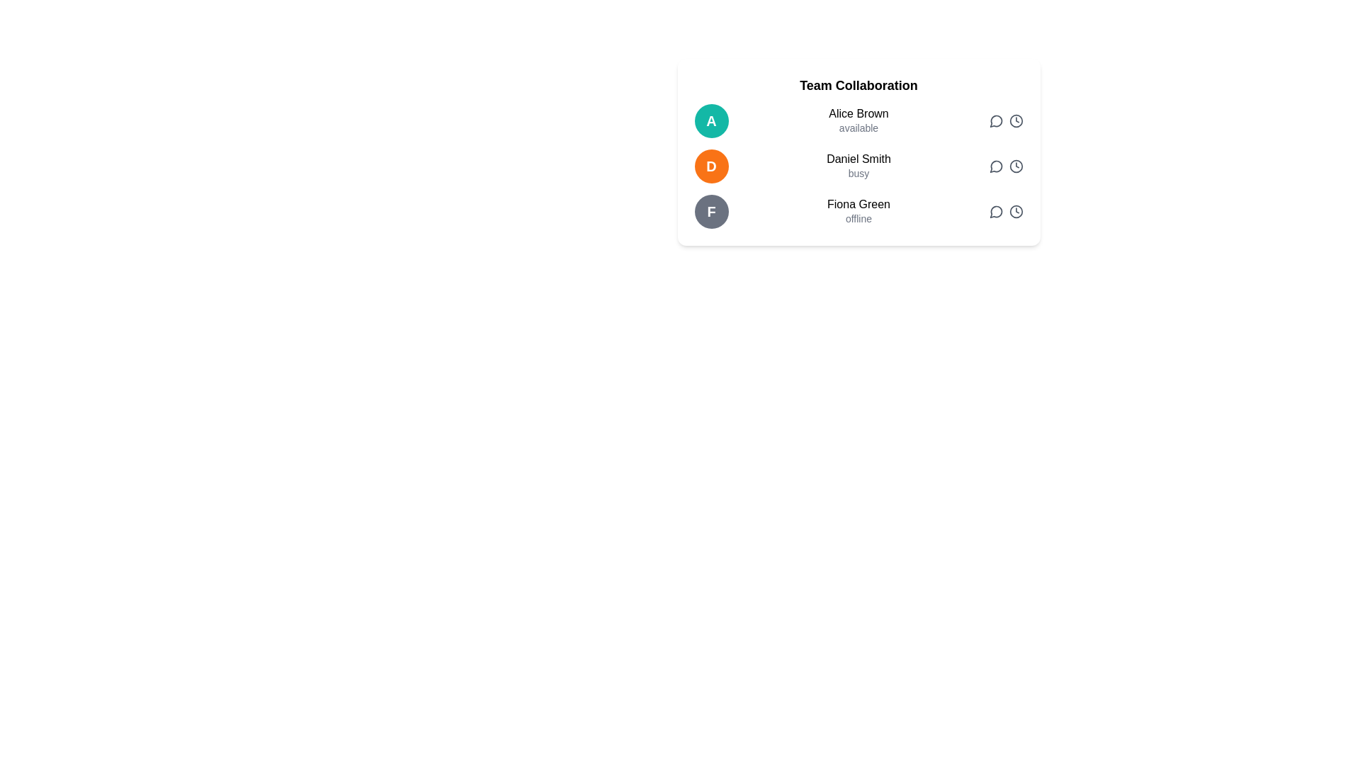 This screenshot has width=1360, height=765. What do you see at coordinates (858, 159) in the screenshot?
I see `the text label displaying 'Daniel Smith' to possibly view additional information` at bounding box center [858, 159].